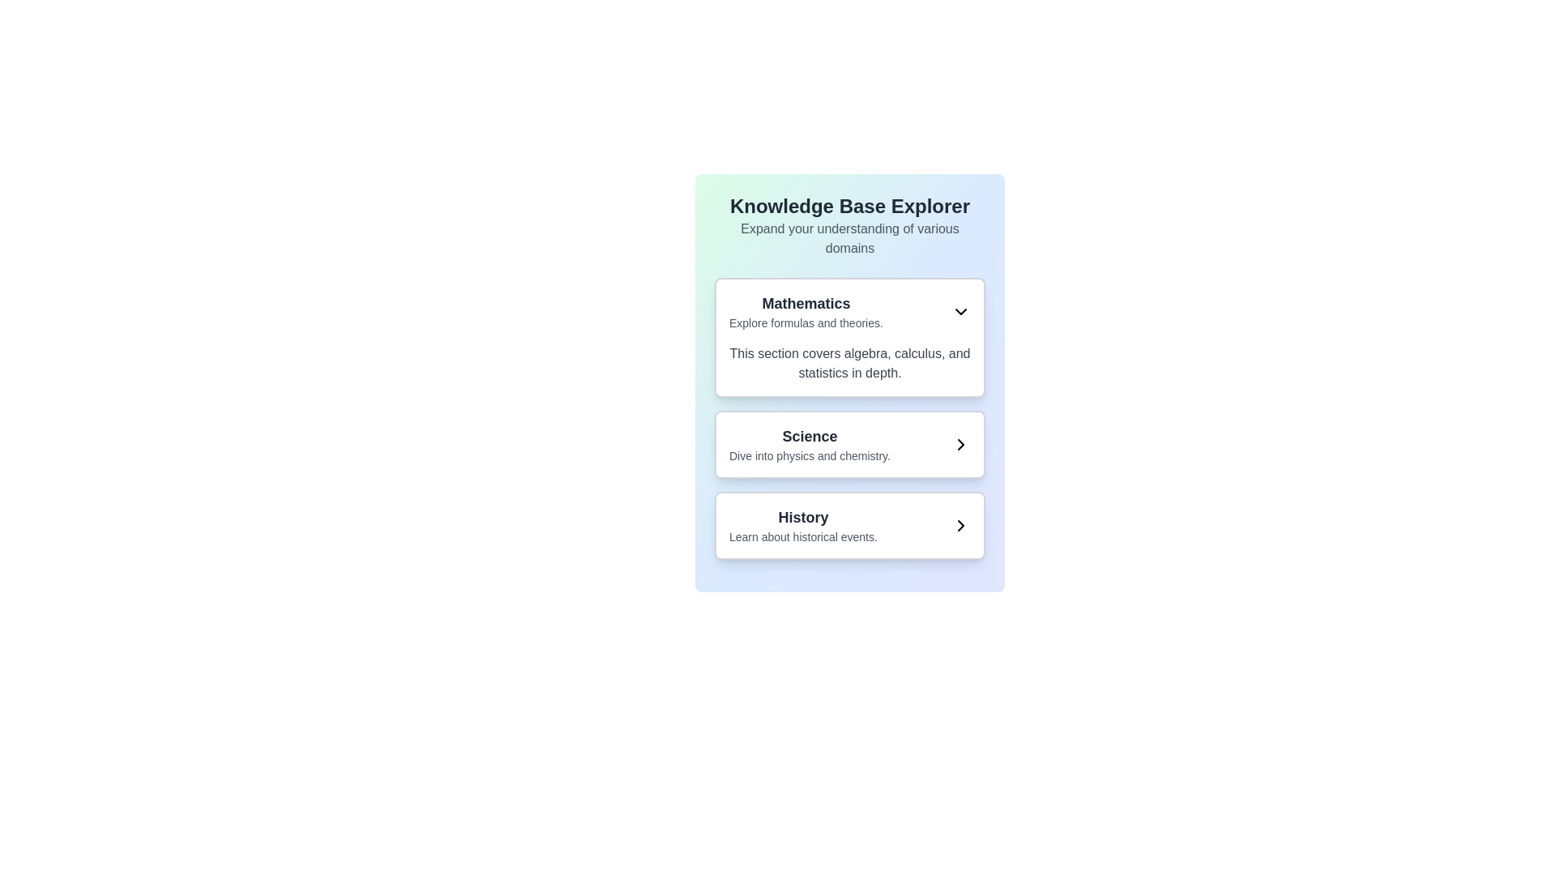  Describe the element at coordinates (803, 518) in the screenshot. I see `the 'History' text label, which is styled in bold dark grey and located at the top of the third card in a vertical stack of cards` at that location.